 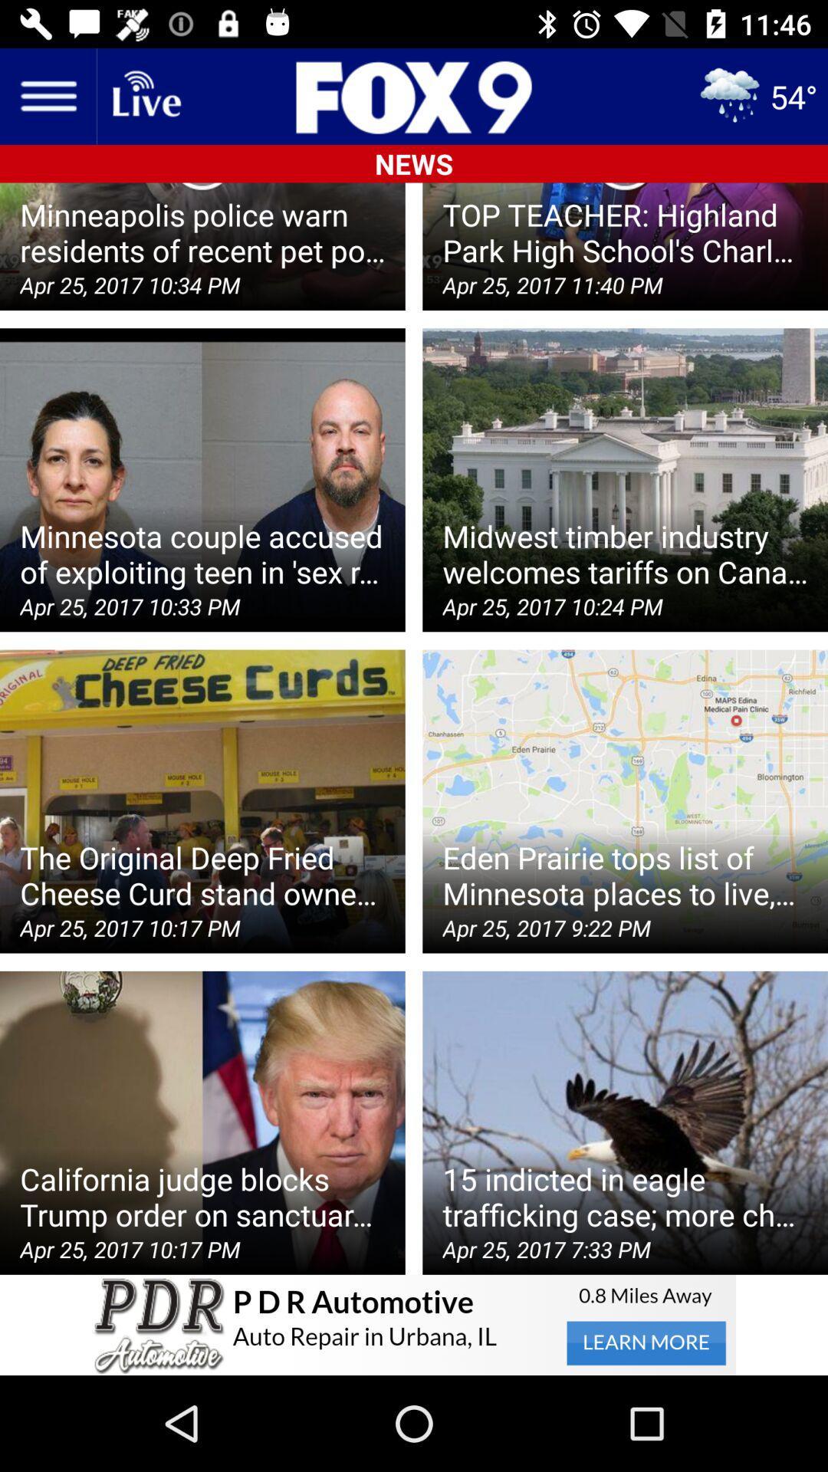 I want to click on the menu icon, so click(x=47, y=95).